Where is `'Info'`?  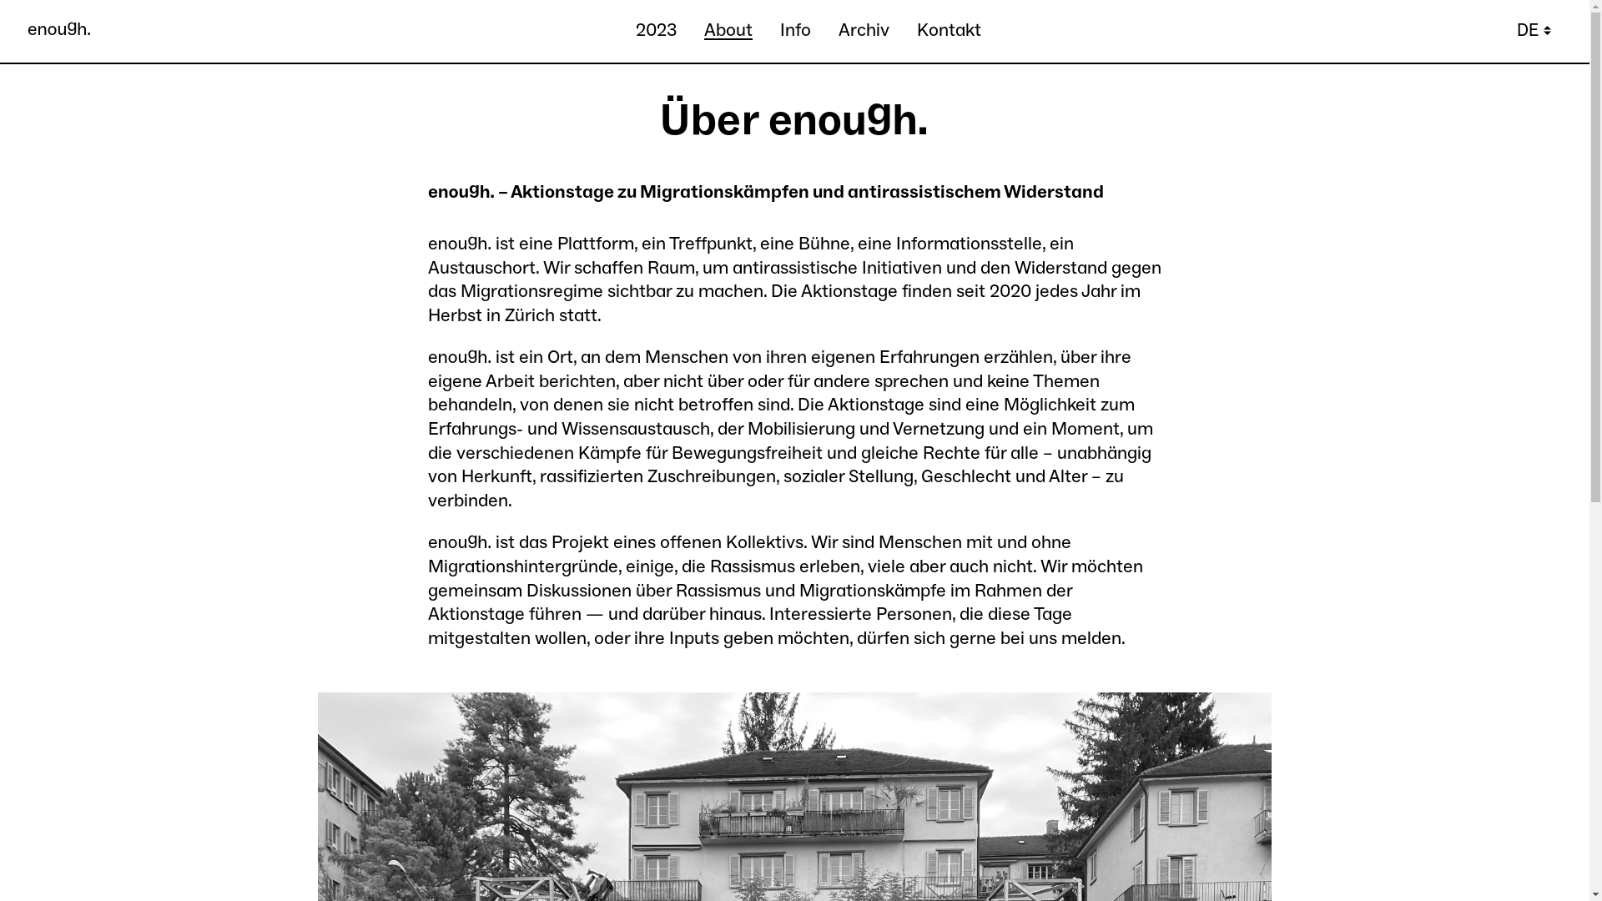
'Info' is located at coordinates (794, 31).